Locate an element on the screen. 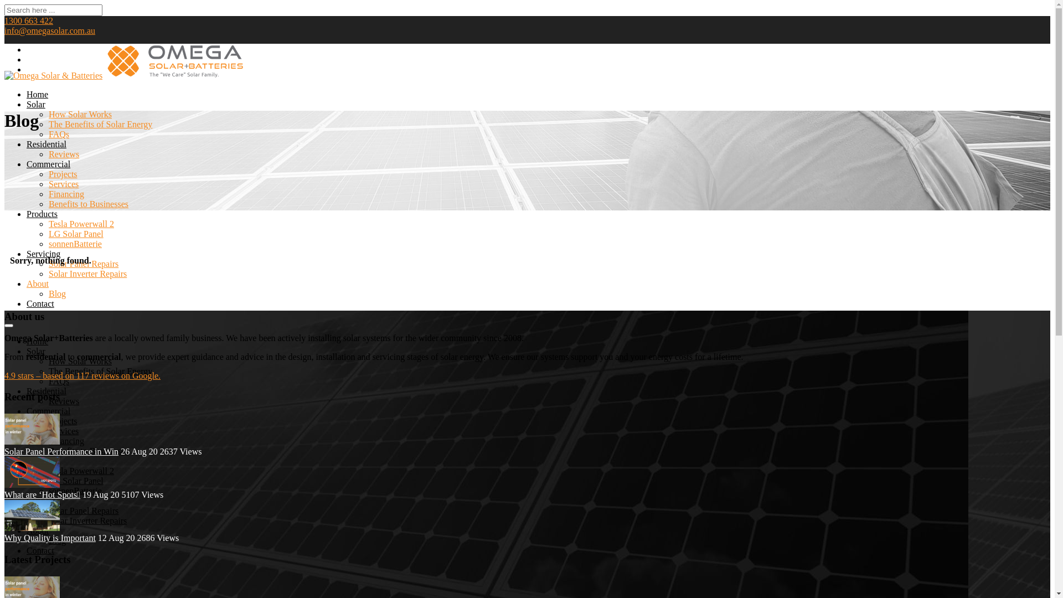 The height and width of the screenshot is (598, 1063). 'About' is located at coordinates (37, 283).